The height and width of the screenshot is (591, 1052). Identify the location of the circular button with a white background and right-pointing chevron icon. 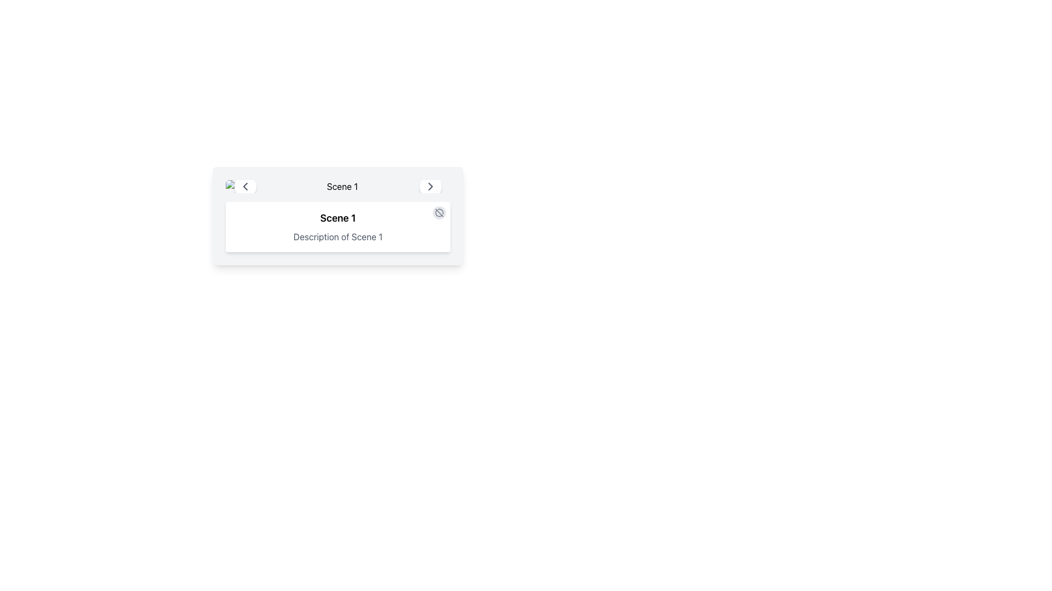
(430, 186).